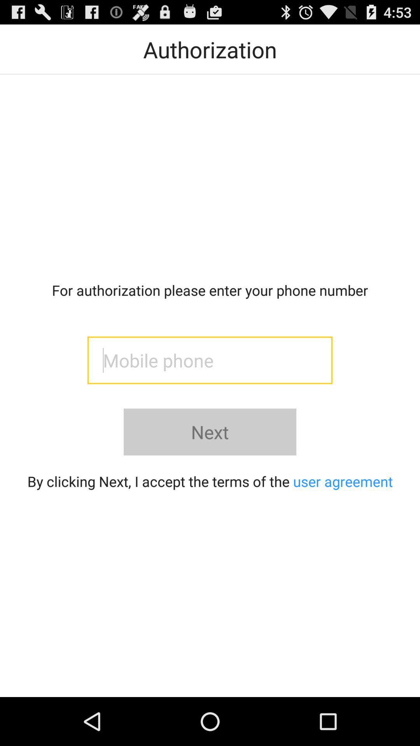 The image size is (420, 746). Describe the element at coordinates (210, 481) in the screenshot. I see `the by clicking next item` at that location.